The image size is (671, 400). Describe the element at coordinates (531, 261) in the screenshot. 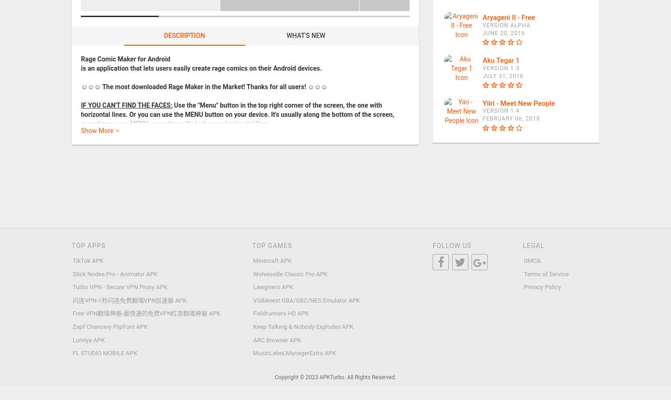

I see `'DMCA'` at that location.